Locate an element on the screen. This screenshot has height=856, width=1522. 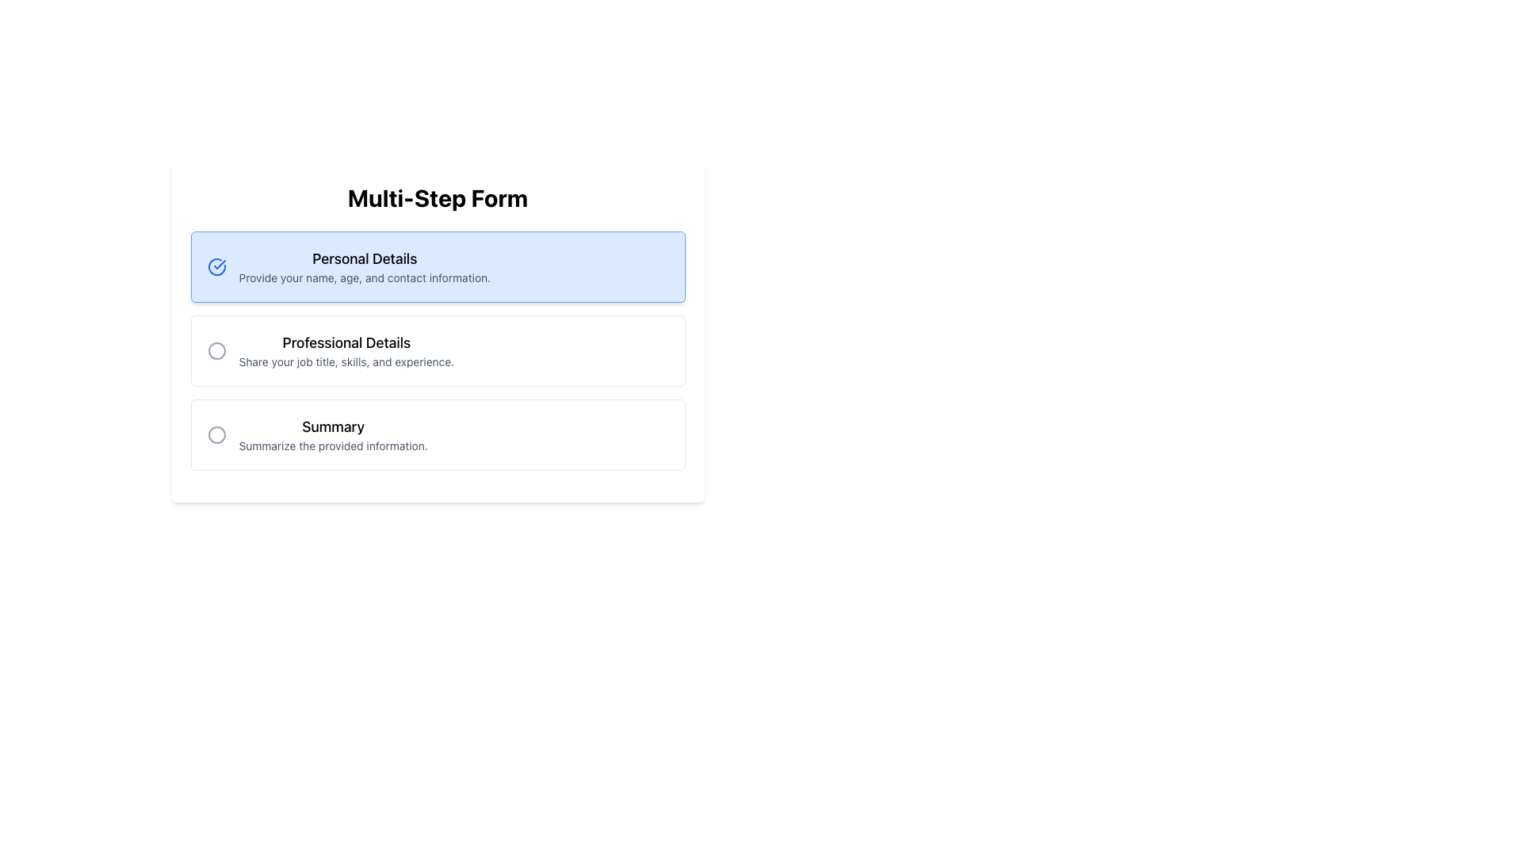
the filled circle icon located in the 'Summary' section of the Multi-Step Form, which is positioned to the left of the accompanying description text is located at coordinates (216, 434).